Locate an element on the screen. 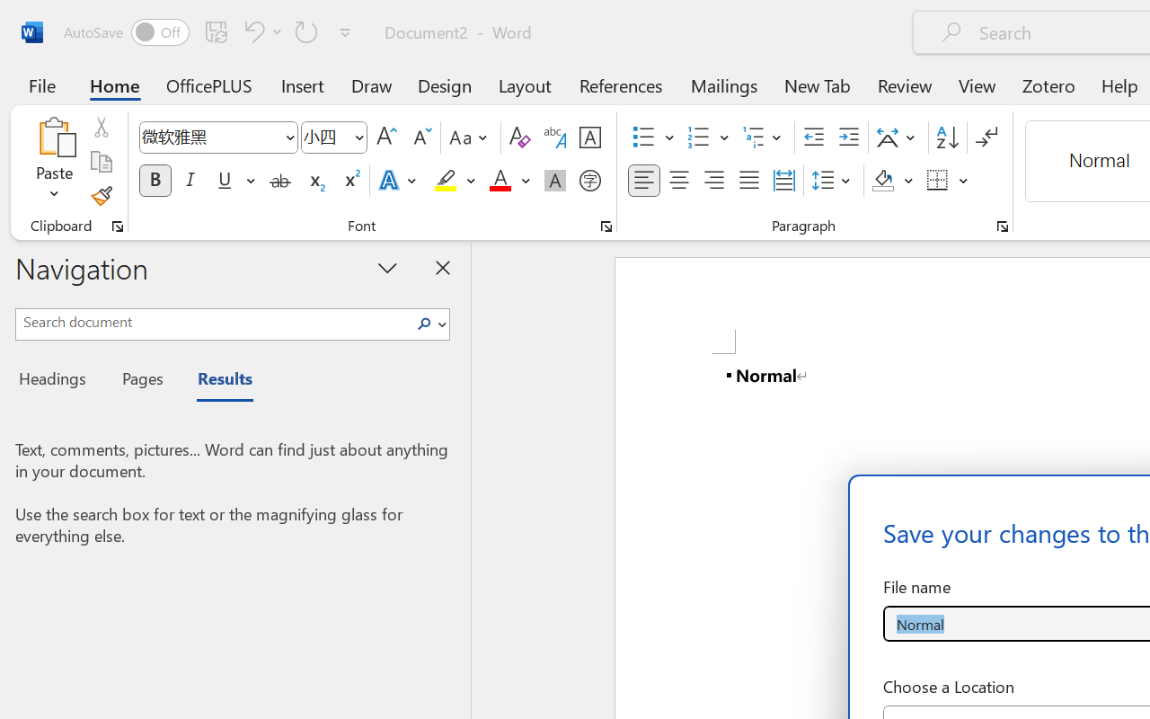  'Office Clipboard...' is located at coordinates (117, 226).